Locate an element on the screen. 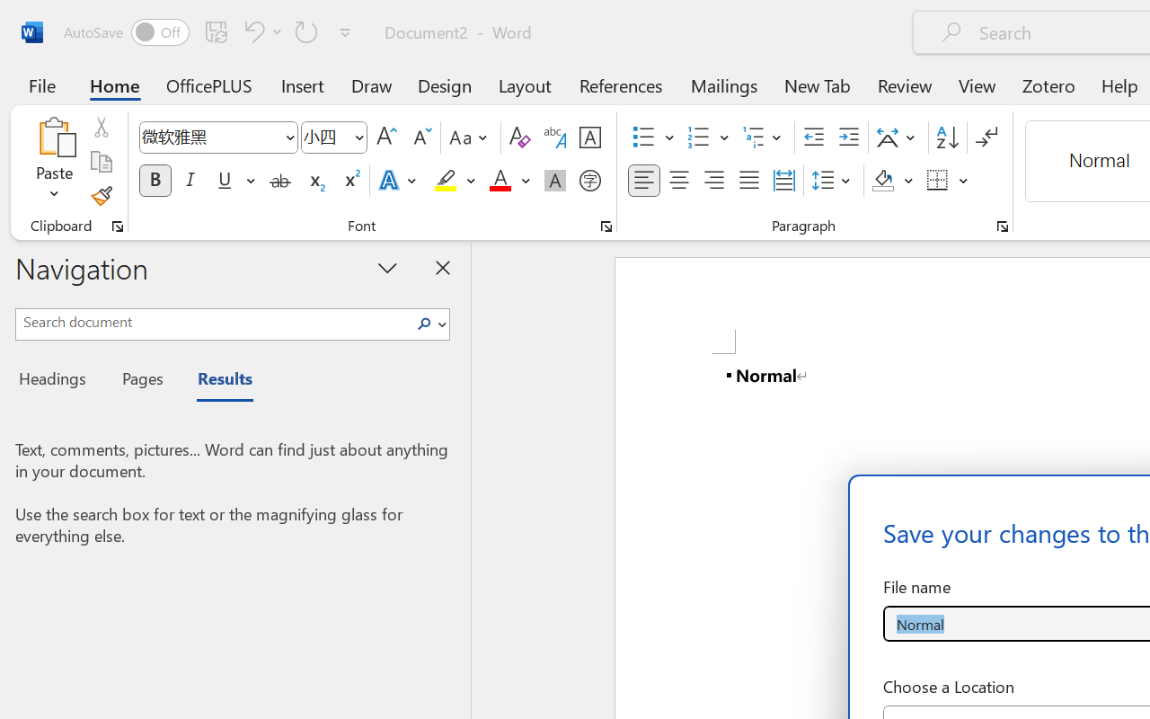  'Office Clipboard...' is located at coordinates (117, 226).